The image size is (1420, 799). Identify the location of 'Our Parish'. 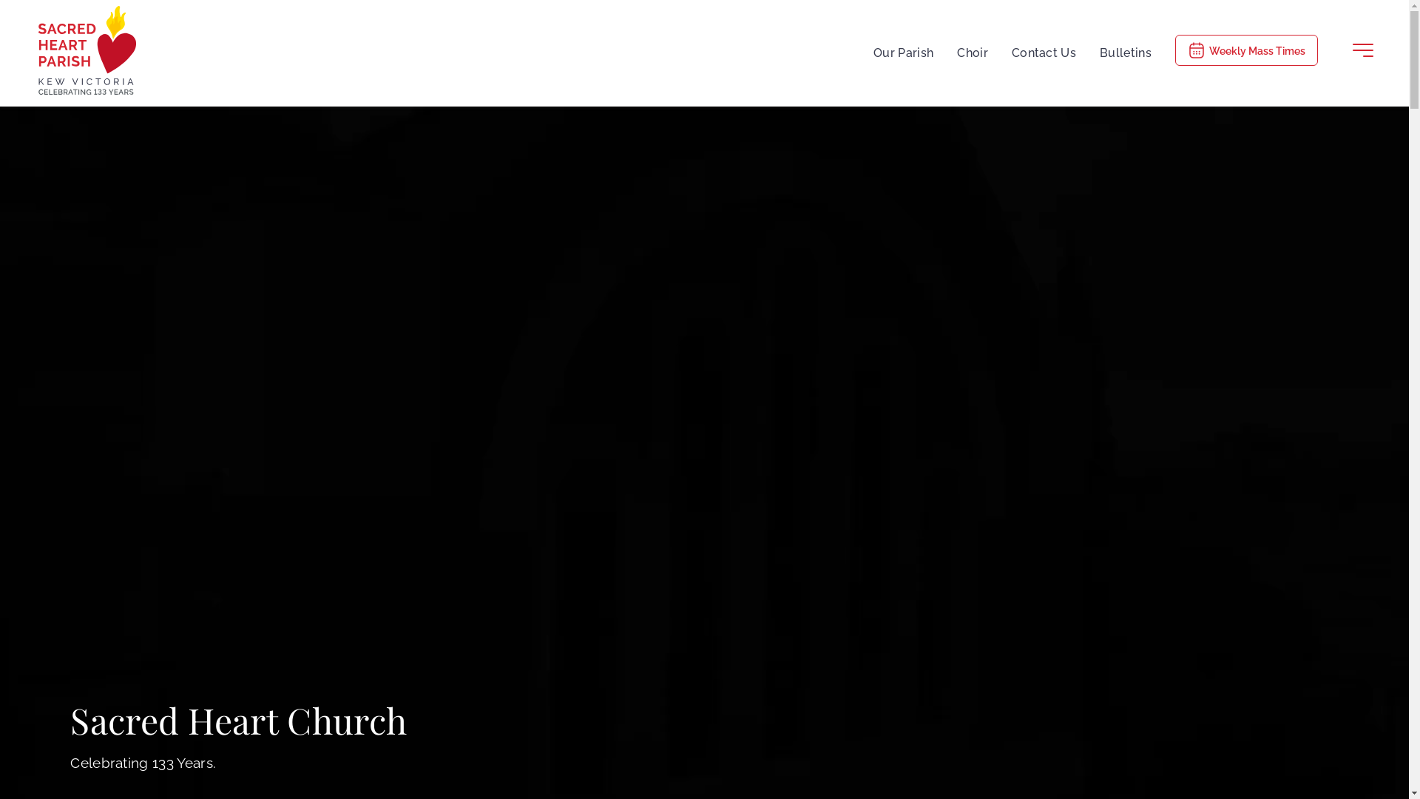
(902, 50).